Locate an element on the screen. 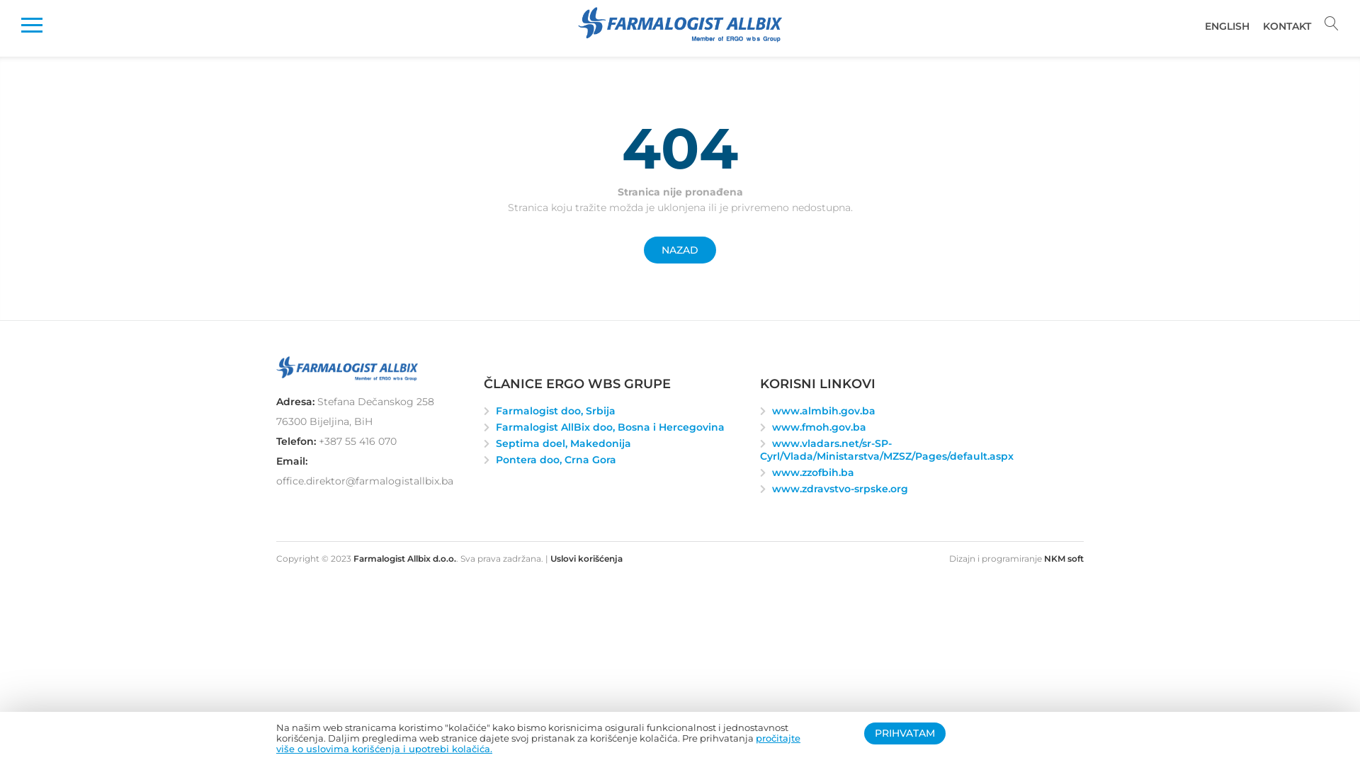 The height and width of the screenshot is (765, 1360). 'ENGLISH' is located at coordinates (1193, 26).